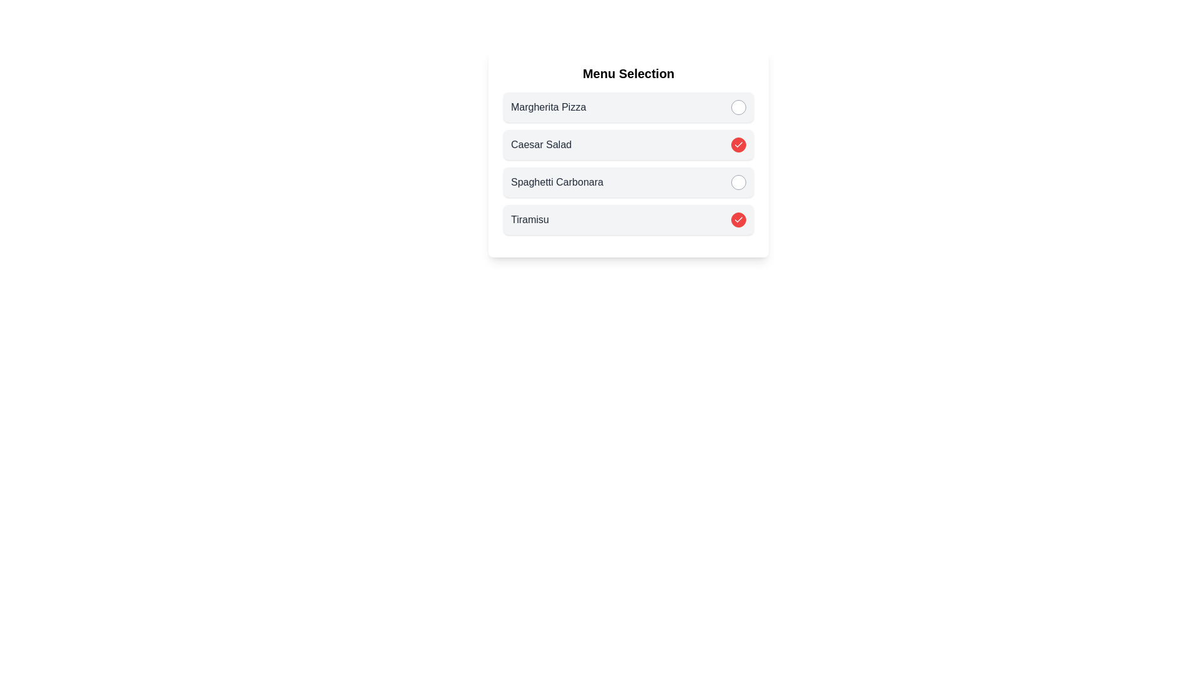 Image resolution: width=1201 pixels, height=675 pixels. What do you see at coordinates (738, 107) in the screenshot?
I see `the menu item corresponding to Margherita Pizza` at bounding box center [738, 107].